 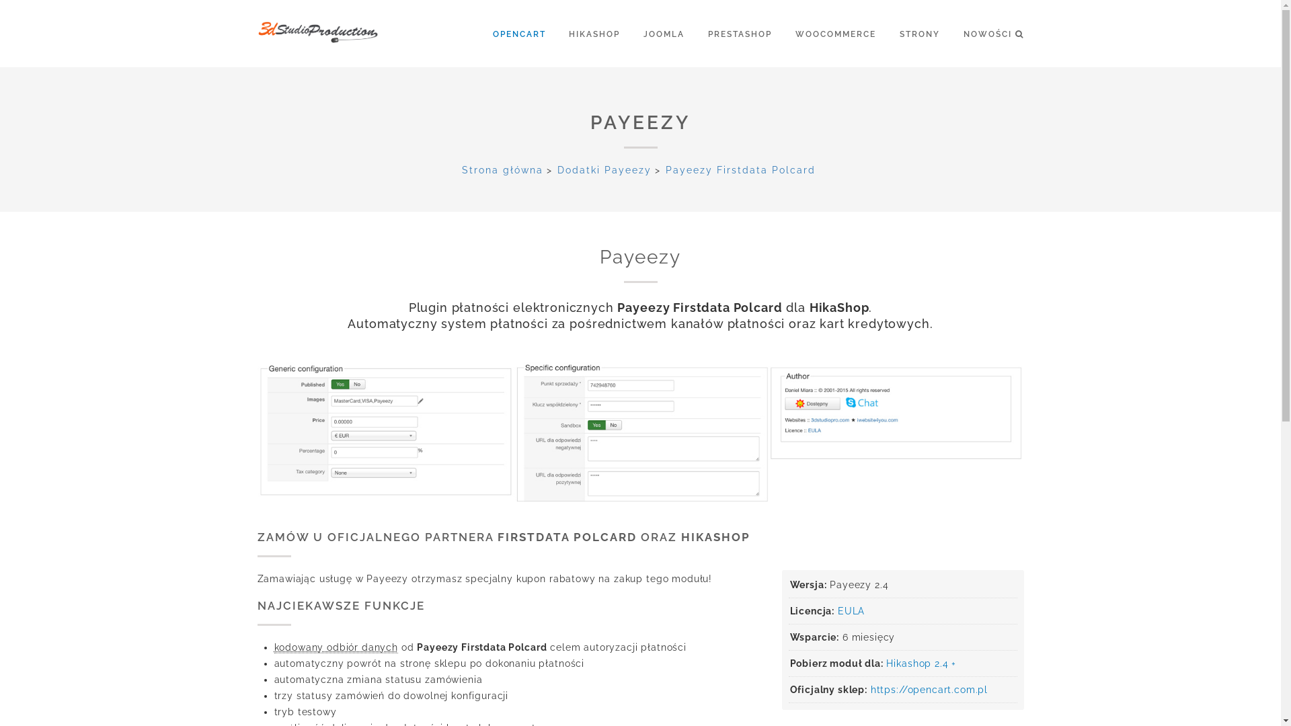 What do you see at coordinates (749, 33) in the screenshot?
I see `'PRESTASHOP'` at bounding box center [749, 33].